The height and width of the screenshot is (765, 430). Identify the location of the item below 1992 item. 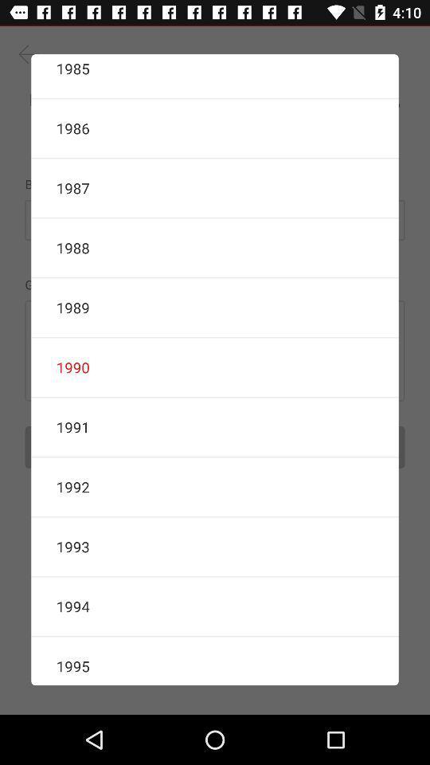
(215, 547).